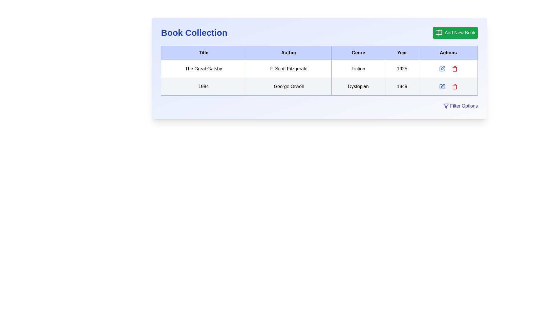 The image size is (558, 314). What do you see at coordinates (289, 86) in the screenshot?
I see `the text label displaying 'George Orwell' which is located in the 'Author' column of the book details table` at bounding box center [289, 86].